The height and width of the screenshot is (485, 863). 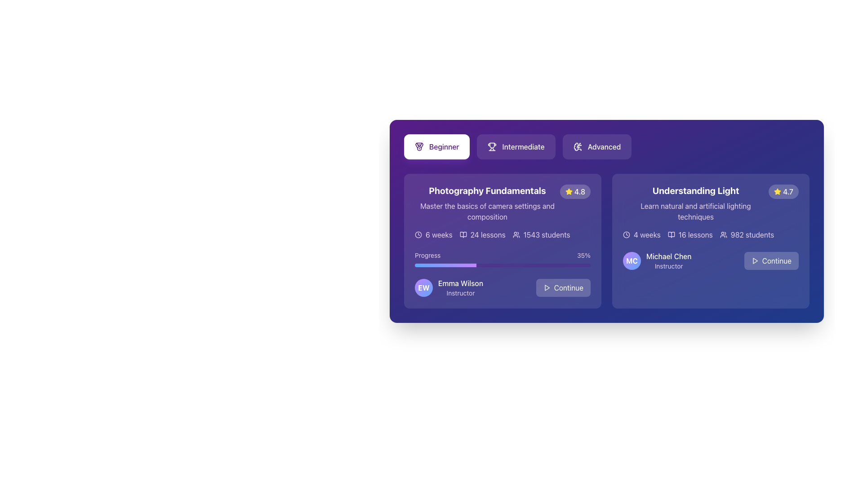 I want to click on the yellow star-shaped icon located to the left of the rating '4.7' in the upper-right card of the multi-card layout, so click(x=777, y=191).